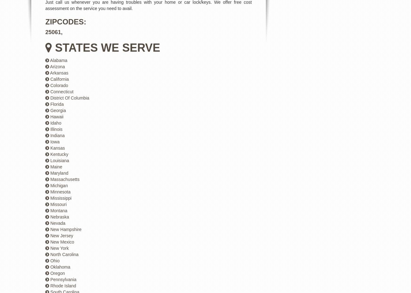  I want to click on 'New York', so click(59, 248).